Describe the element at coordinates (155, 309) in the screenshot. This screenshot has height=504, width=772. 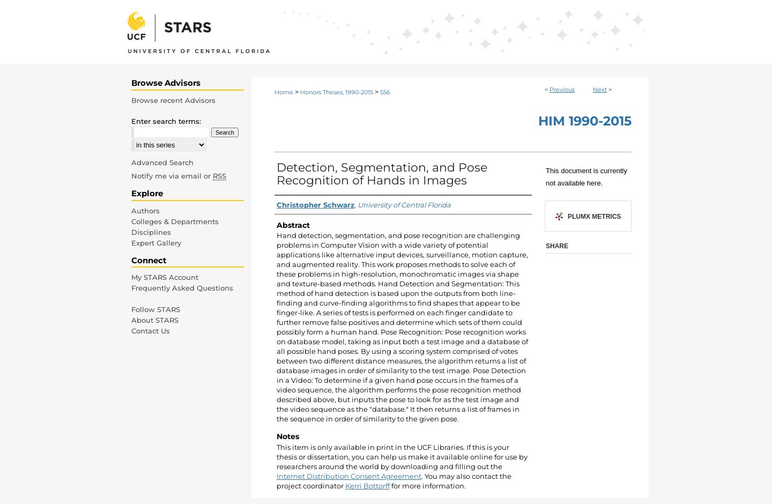
I see `'Follow STARS'` at that location.